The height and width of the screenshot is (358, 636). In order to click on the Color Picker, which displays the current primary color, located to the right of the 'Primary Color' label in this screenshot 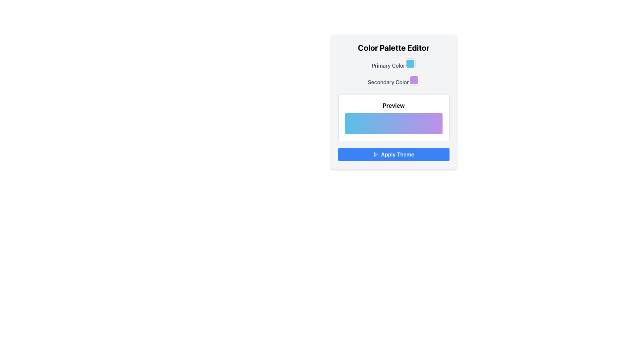, I will do `click(410, 64)`.